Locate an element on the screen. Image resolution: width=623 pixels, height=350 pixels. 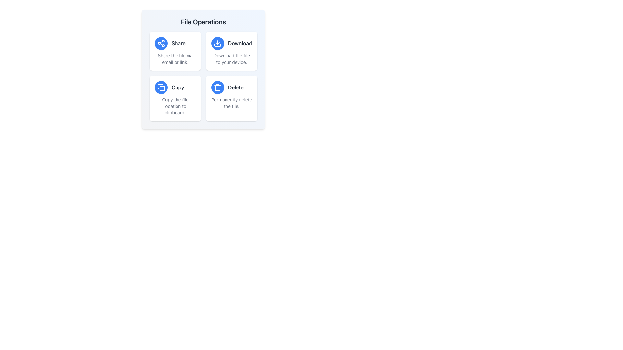
text from the 'Download' label, which is styled in medium-sized gray text and located in the second tile of the 'File Operations' section is located at coordinates (239, 43).